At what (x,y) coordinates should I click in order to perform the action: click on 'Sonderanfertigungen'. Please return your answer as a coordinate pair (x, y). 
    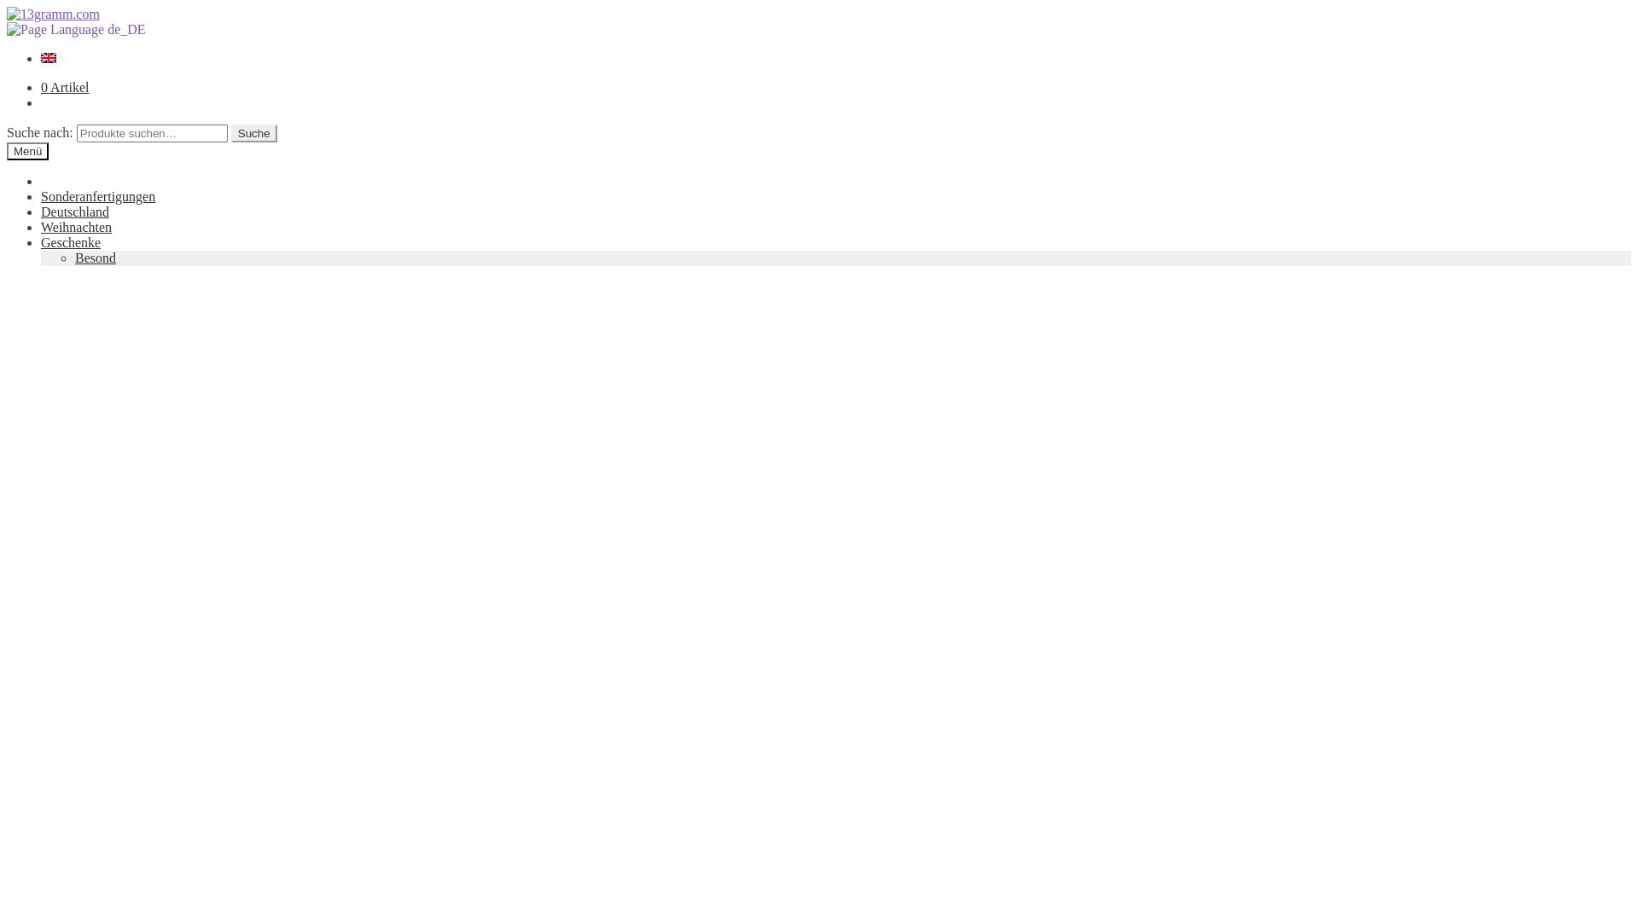
    Looking at the image, I should click on (97, 195).